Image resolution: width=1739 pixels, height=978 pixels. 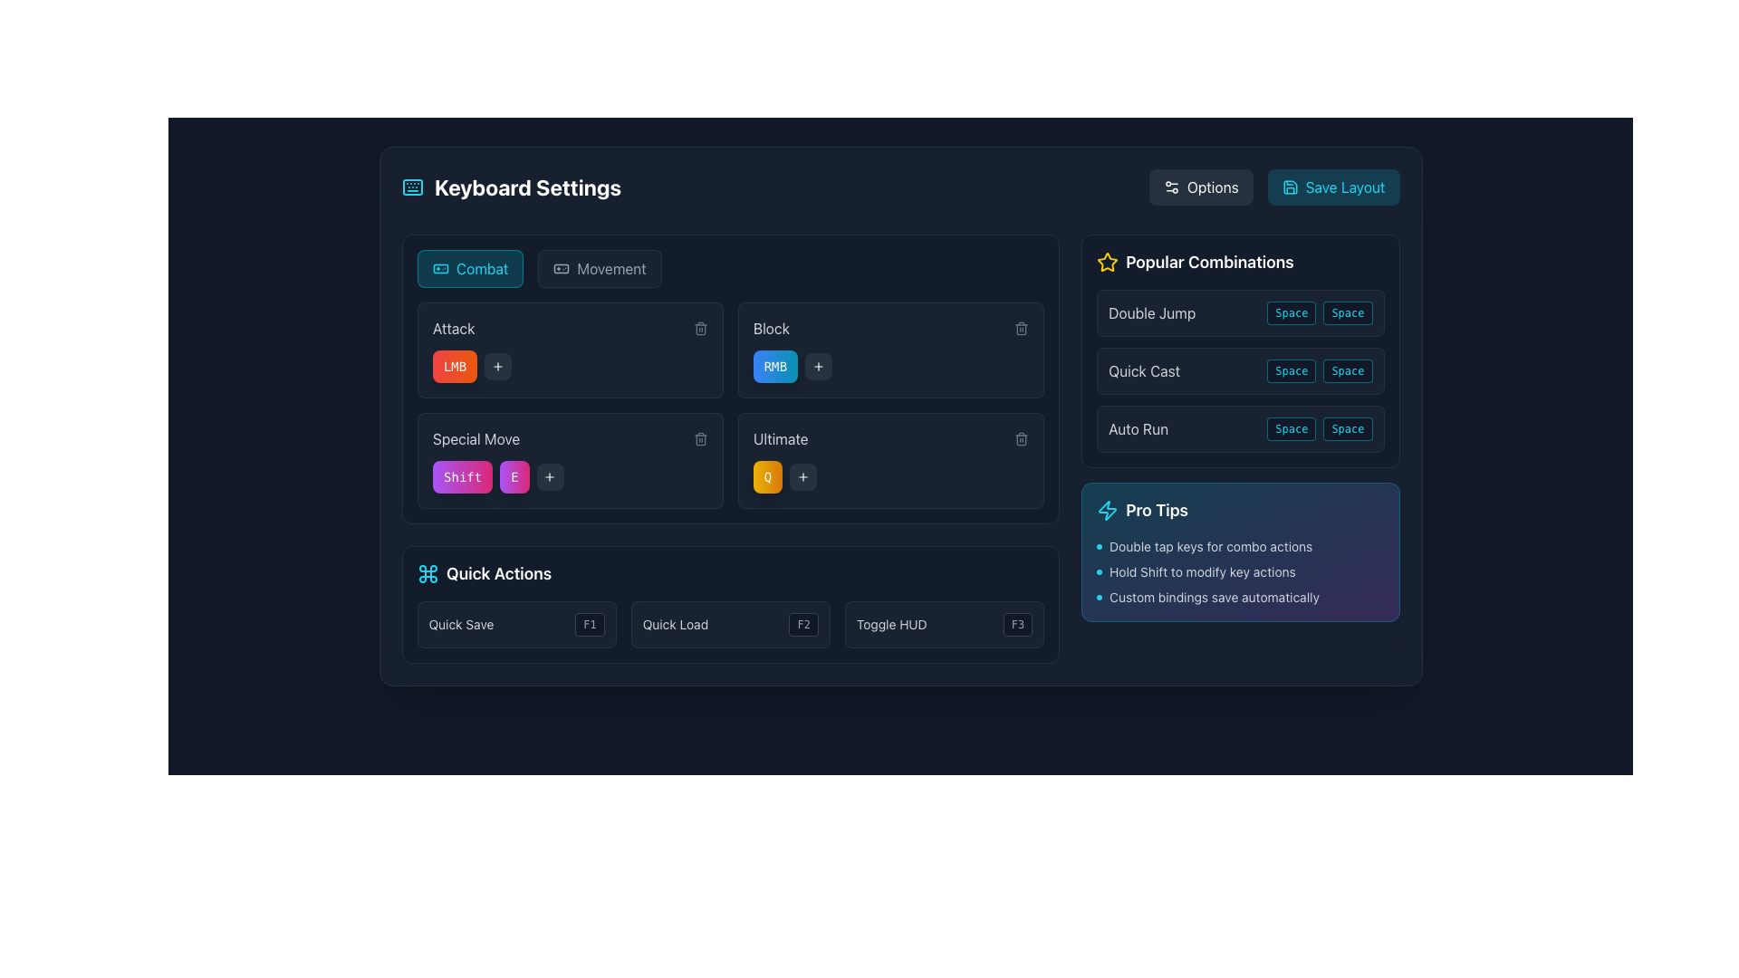 I want to click on the settings icon located in the top-right corner of the interface, specifically positioned to the left of the 'Save Layout' button, so click(x=1171, y=187).